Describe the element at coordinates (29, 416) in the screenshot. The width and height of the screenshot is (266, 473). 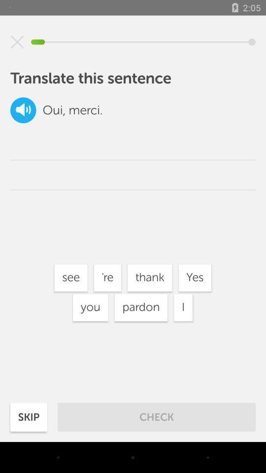
I see `the skip item` at that location.